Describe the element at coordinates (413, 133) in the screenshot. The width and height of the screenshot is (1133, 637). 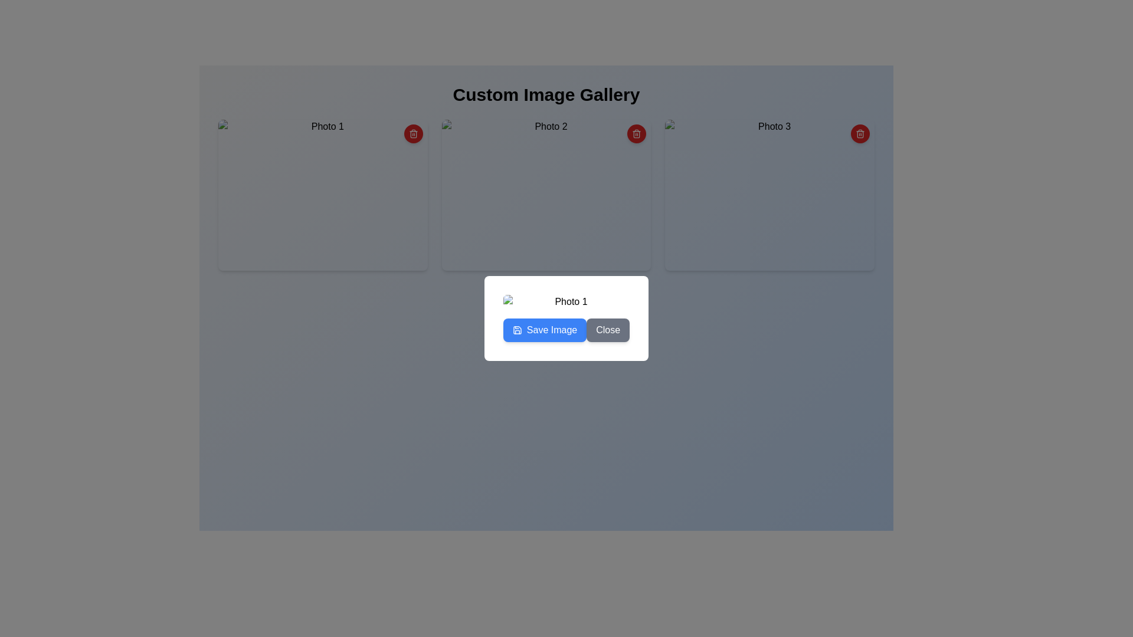
I see `the circular red button with a white trash icon located at the top-right corner of the 'Photo 1' content card to change its color` at that location.